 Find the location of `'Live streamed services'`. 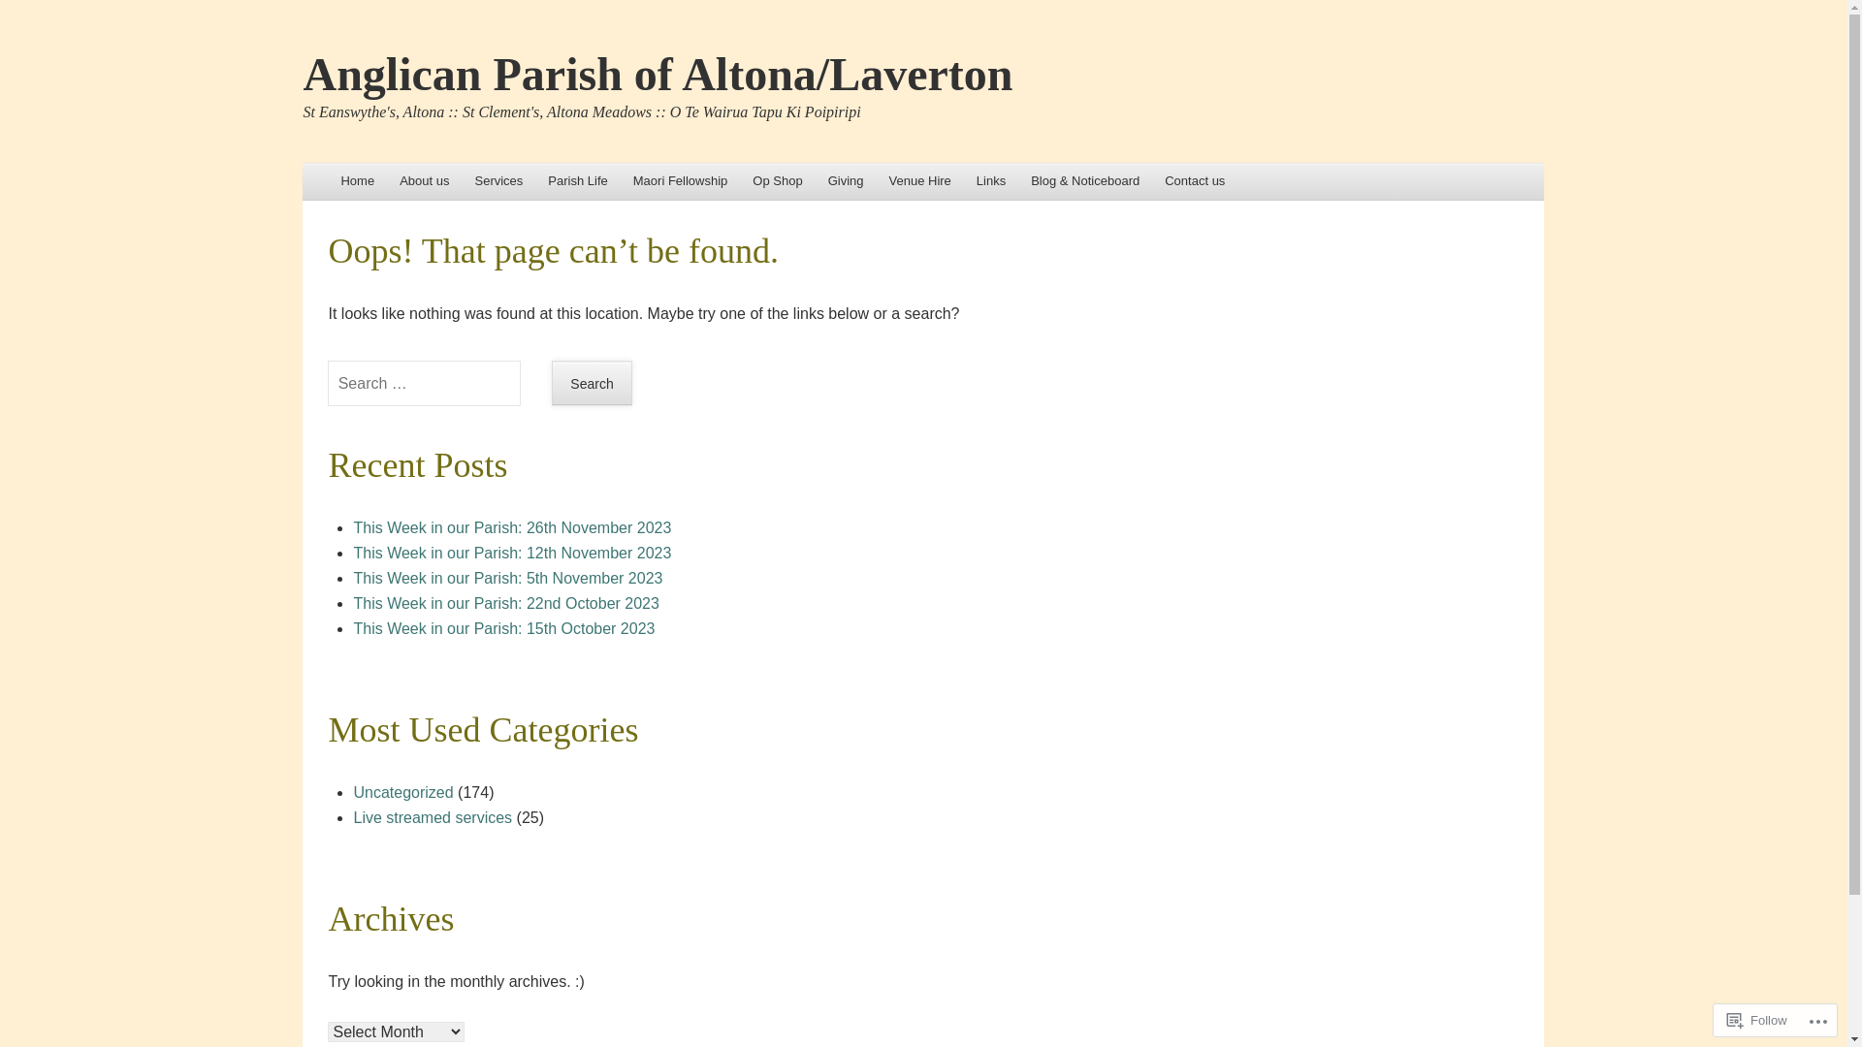

'Live streamed services' is located at coordinates (353, 817).